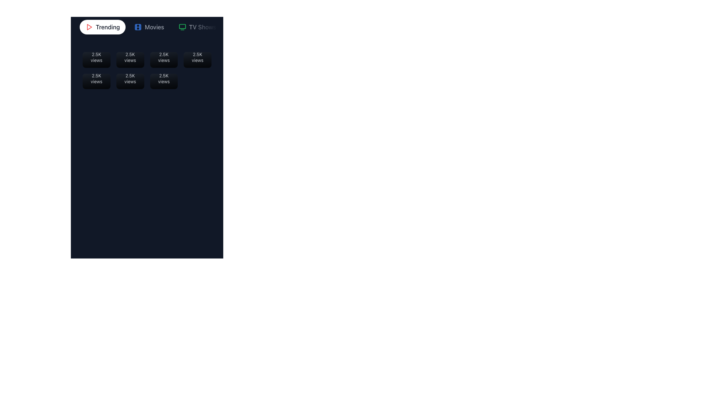 The width and height of the screenshot is (705, 396). I want to click on the decorative rectangle with rounded corners, located within a film strip icon in the upper navigation section of the interface, next to the 'Trending' and 'TV Shows' icons, so click(138, 26).